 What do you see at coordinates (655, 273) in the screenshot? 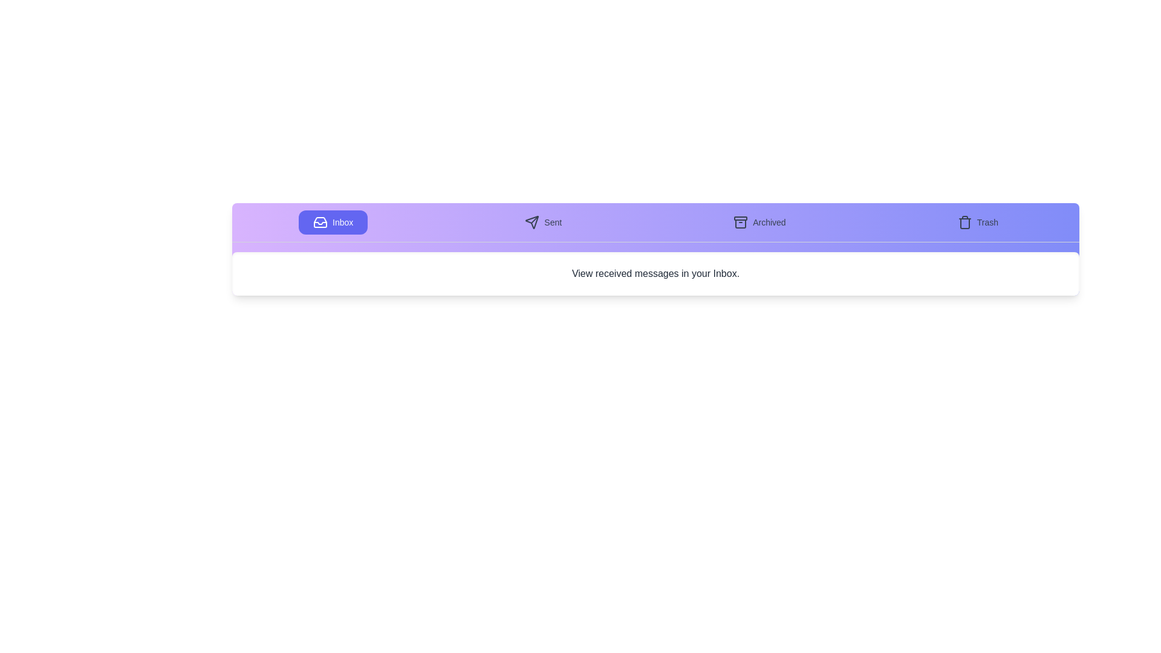
I see `the content displayed in the active tab` at bounding box center [655, 273].